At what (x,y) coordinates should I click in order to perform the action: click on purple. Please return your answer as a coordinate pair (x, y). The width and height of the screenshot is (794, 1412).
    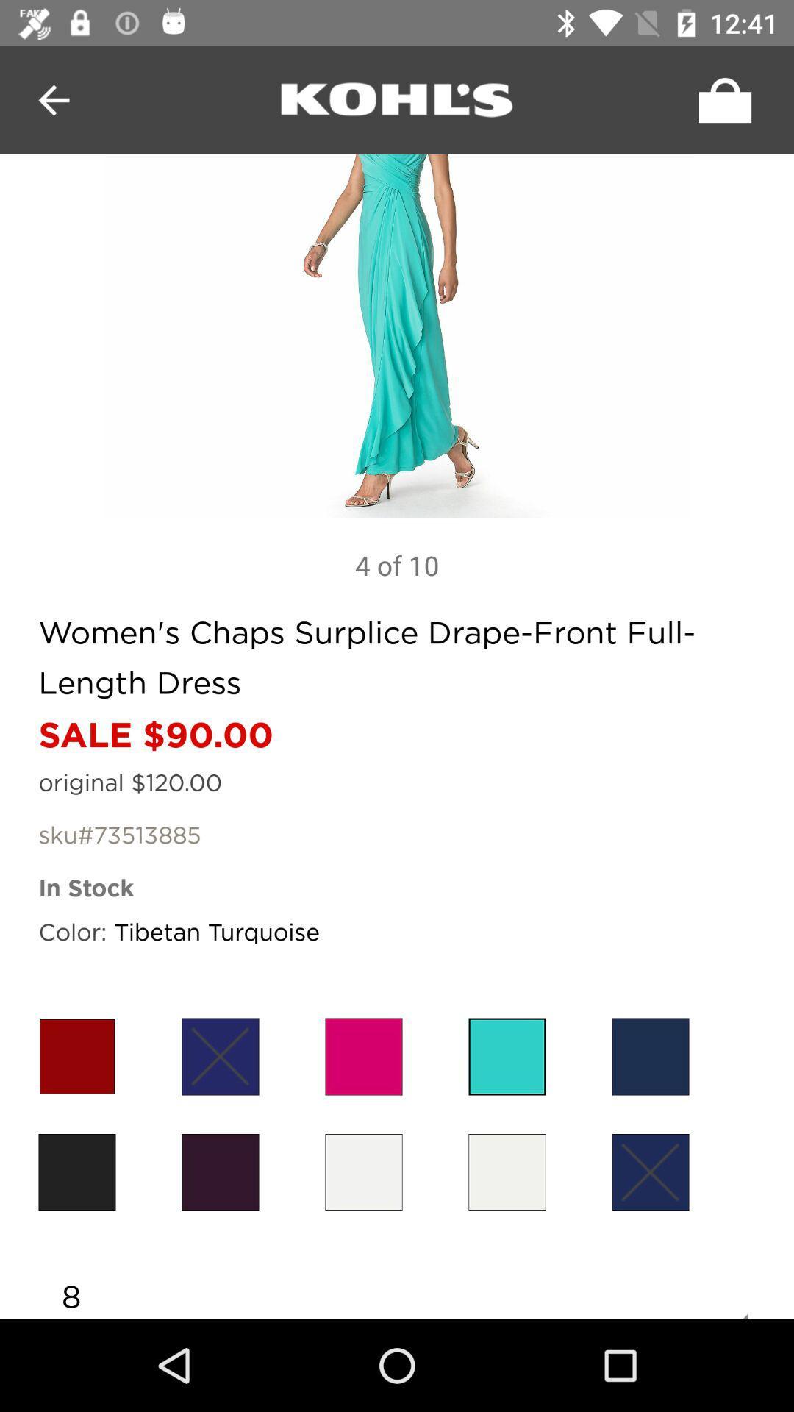
    Looking at the image, I should click on (221, 1055).